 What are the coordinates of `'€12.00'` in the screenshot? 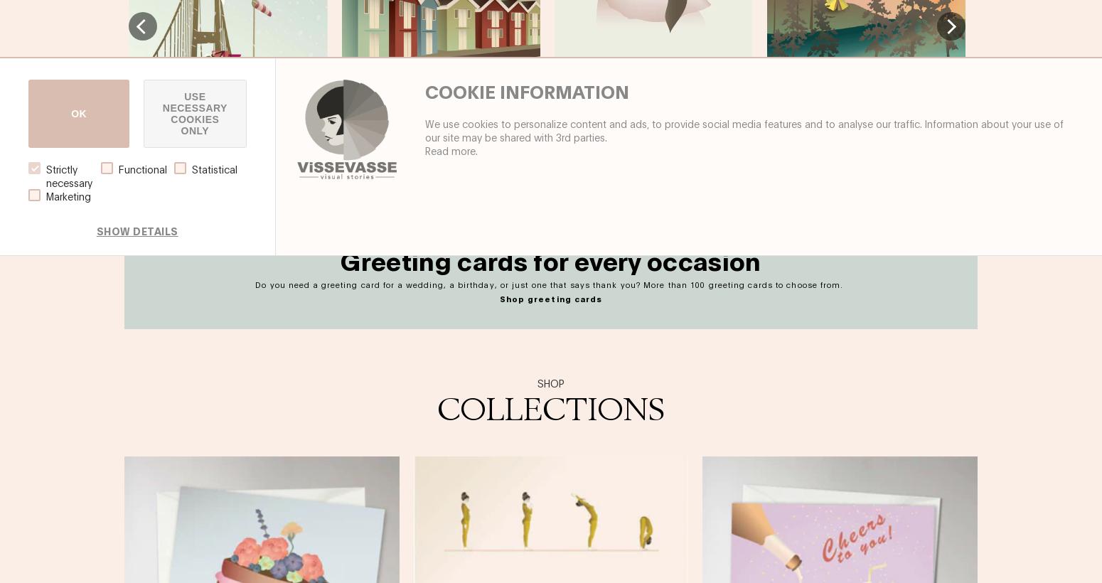 It's located at (735, 106).